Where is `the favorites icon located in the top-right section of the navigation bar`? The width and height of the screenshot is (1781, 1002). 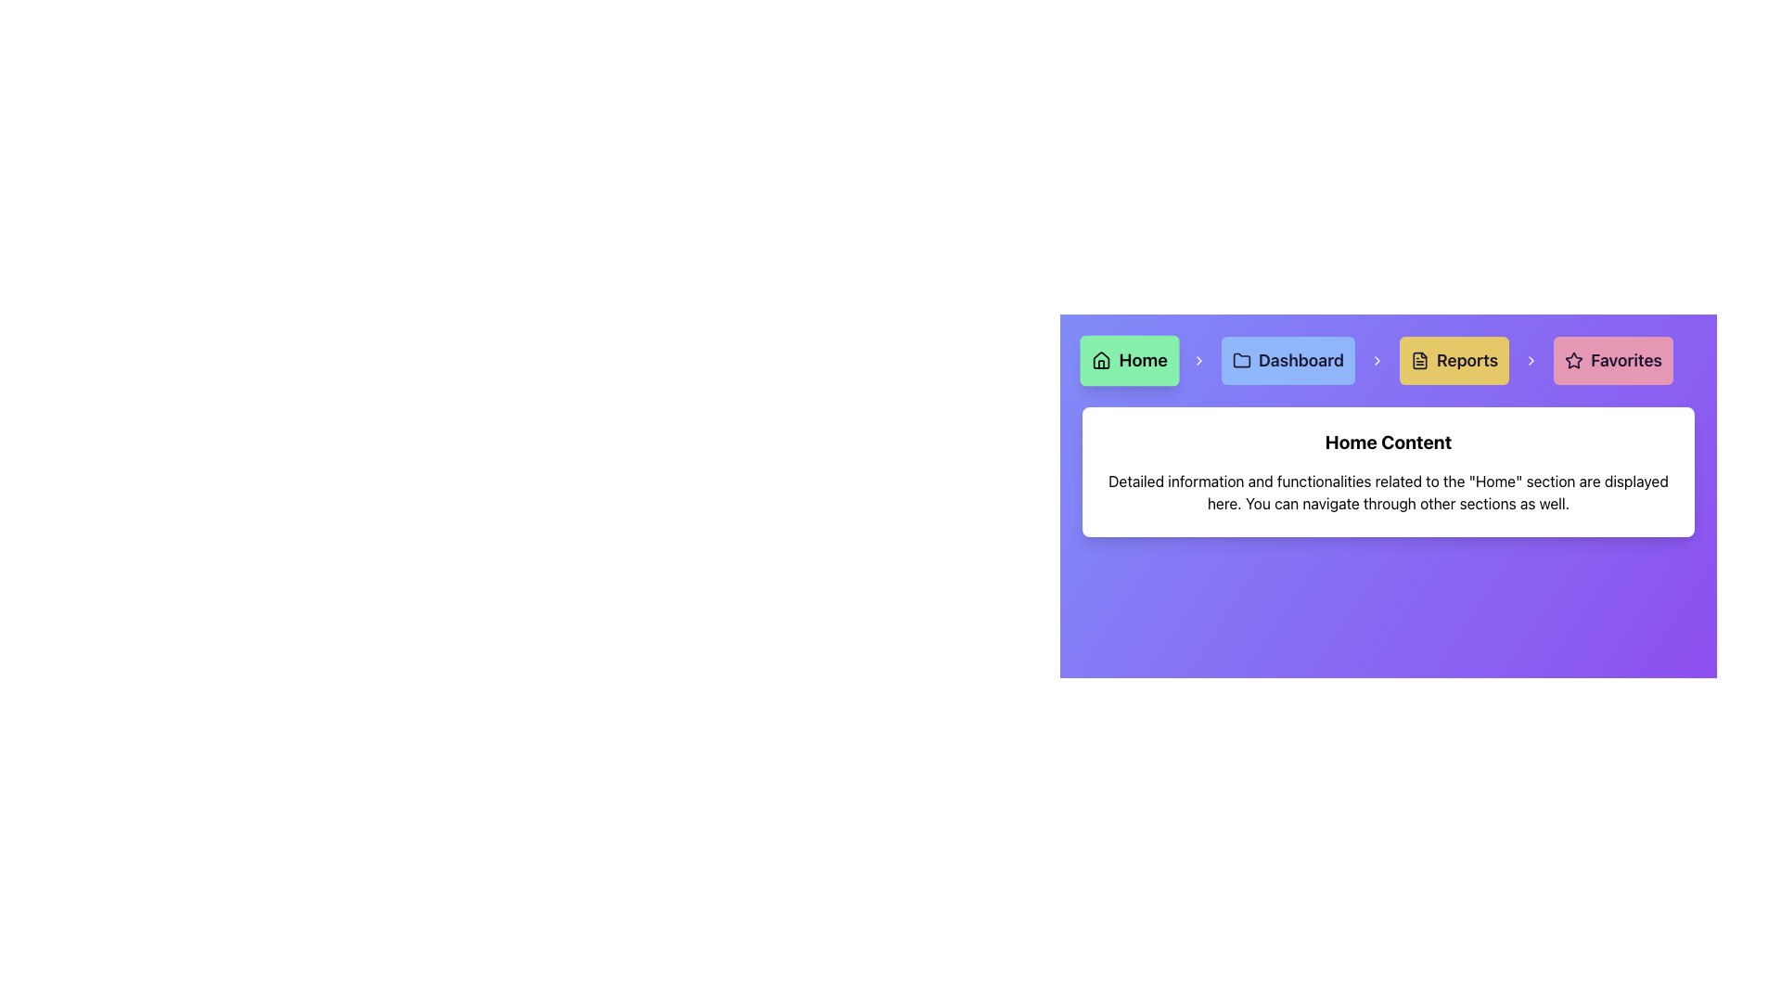 the favorites icon located in the top-right section of the navigation bar is located at coordinates (1573, 360).